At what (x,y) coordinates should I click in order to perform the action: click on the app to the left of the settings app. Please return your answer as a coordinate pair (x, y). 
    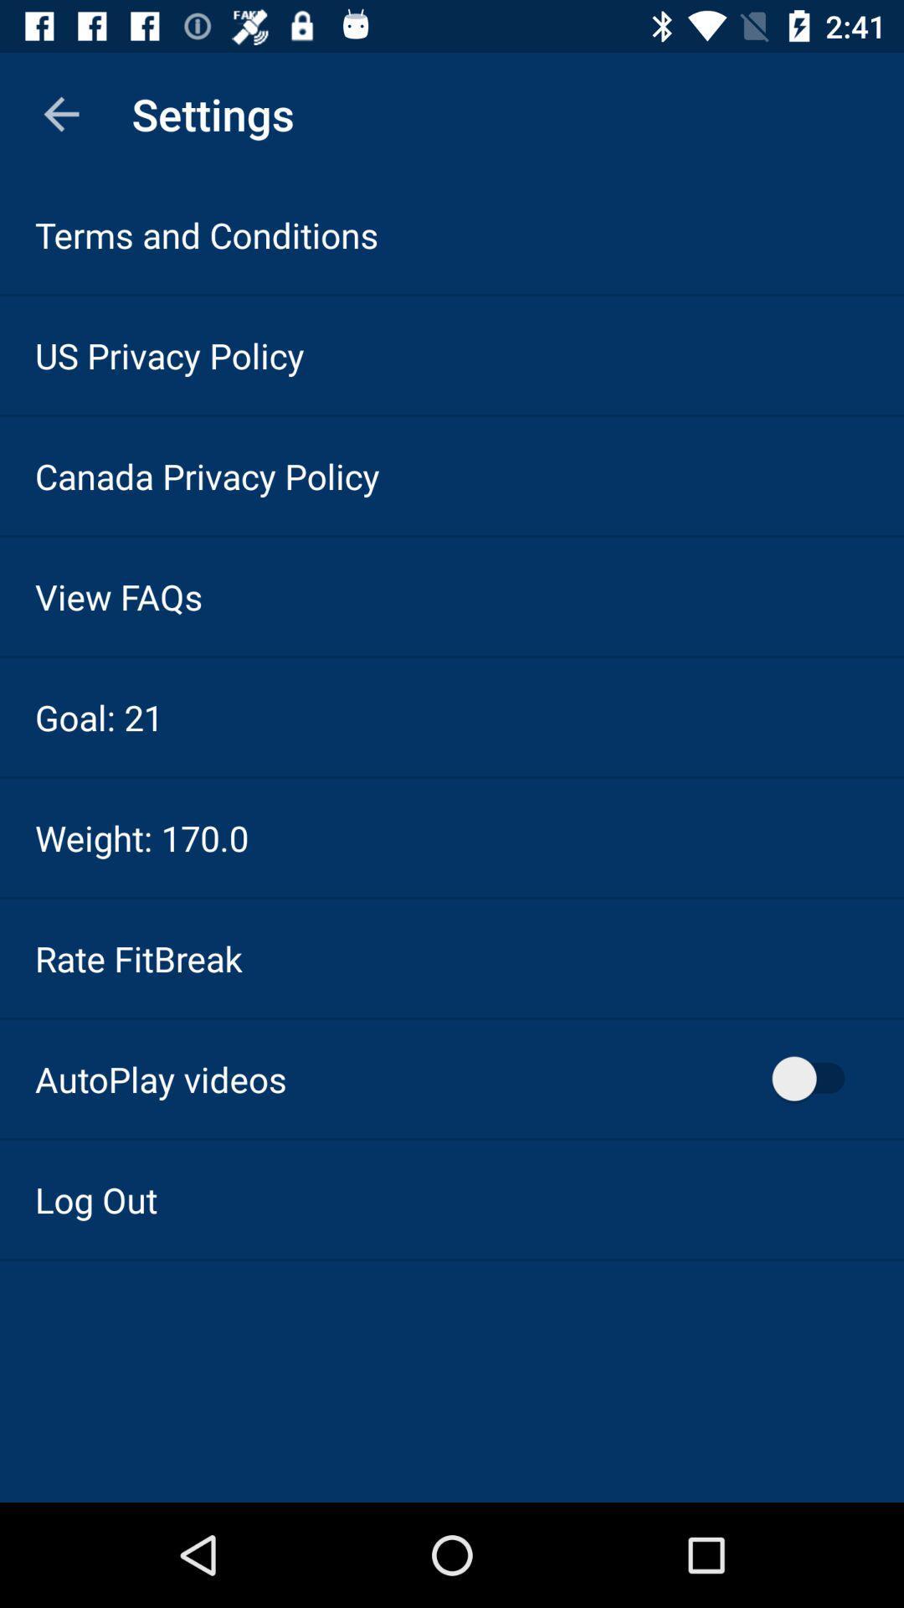
    Looking at the image, I should click on (60, 113).